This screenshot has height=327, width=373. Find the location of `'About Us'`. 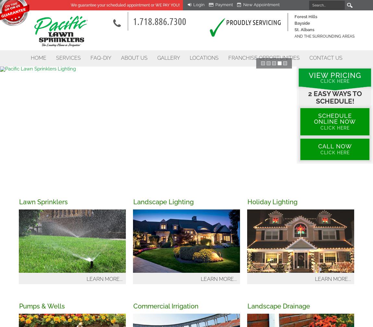

'About Us' is located at coordinates (134, 58).